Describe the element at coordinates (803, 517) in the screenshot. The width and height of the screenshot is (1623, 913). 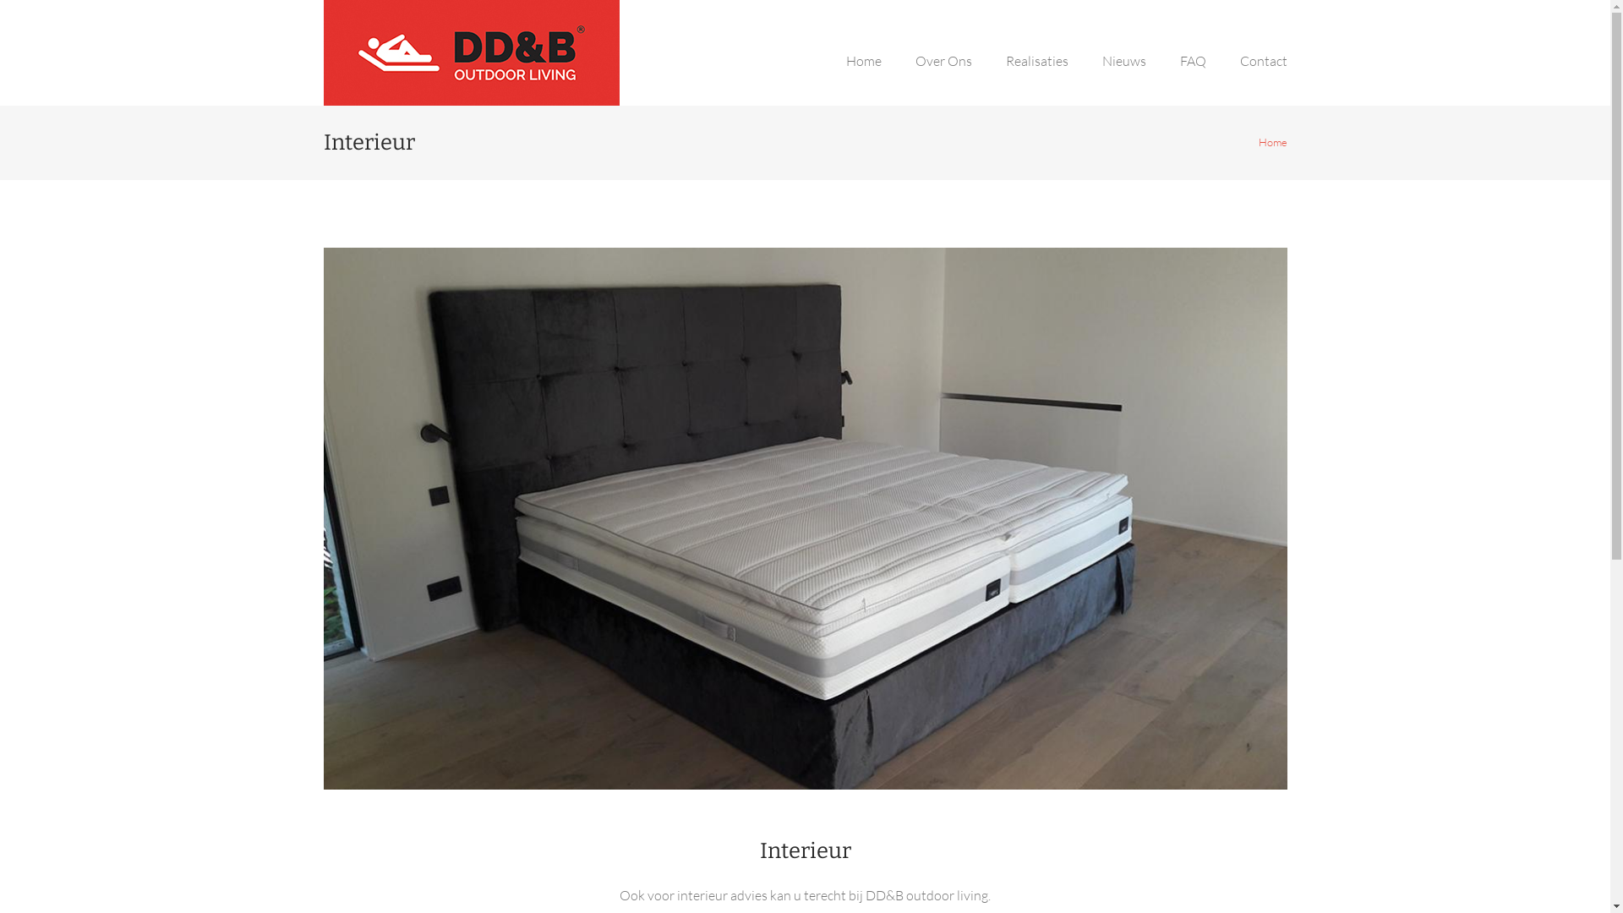
I see `'Interieur'` at that location.